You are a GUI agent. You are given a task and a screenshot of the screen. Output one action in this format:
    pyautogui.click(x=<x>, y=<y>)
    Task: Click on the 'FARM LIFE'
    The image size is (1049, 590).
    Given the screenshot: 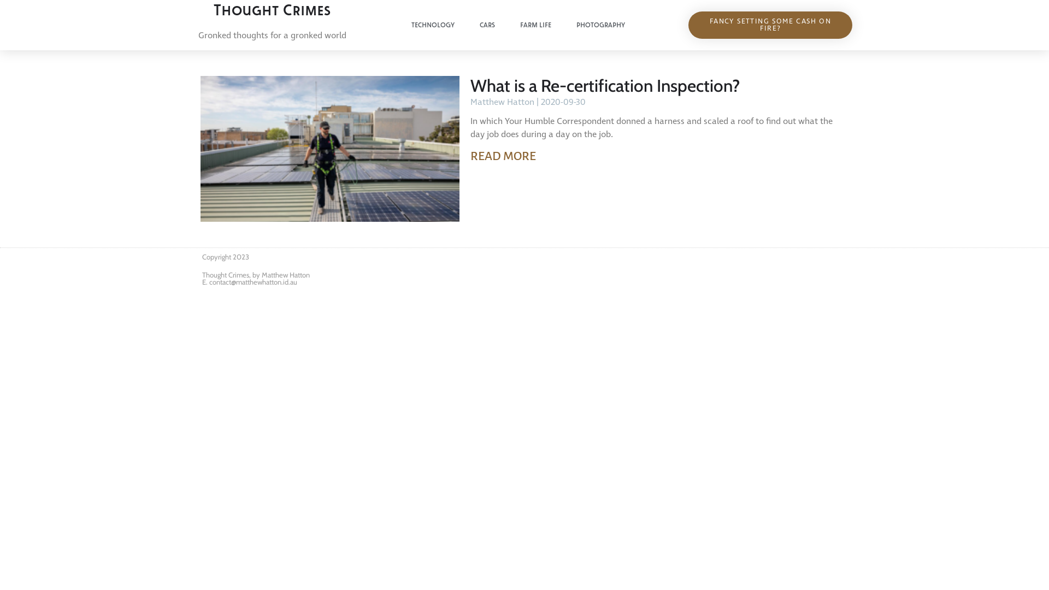 What is the action you would take?
    pyautogui.click(x=535, y=25)
    